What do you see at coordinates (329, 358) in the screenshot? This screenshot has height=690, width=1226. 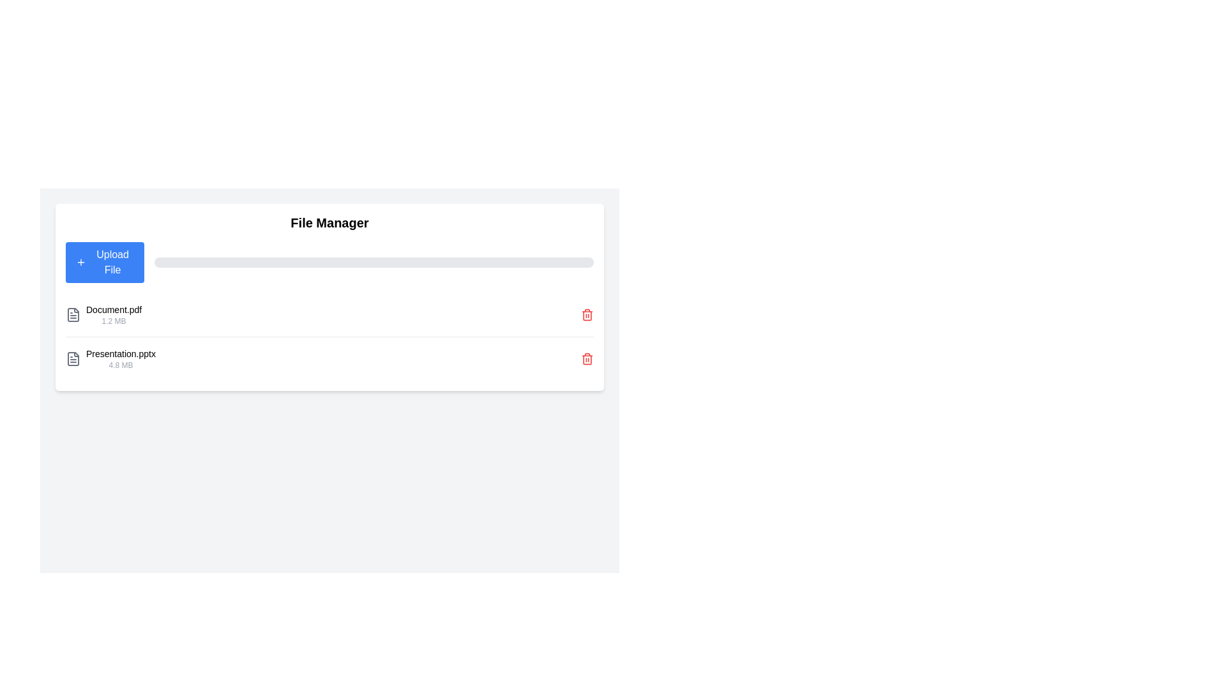 I see `the second entry` at bounding box center [329, 358].